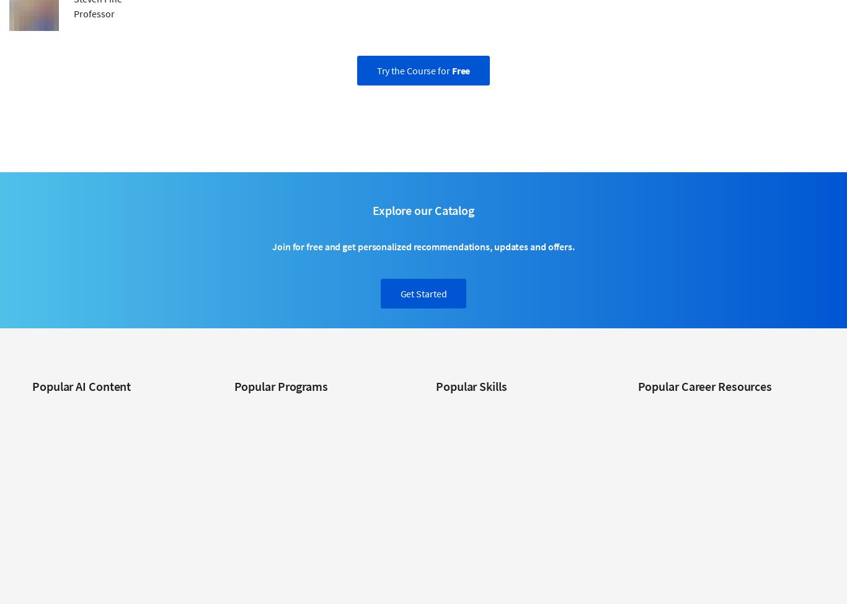 This screenshot has width=847, height=604. What do you see at coordinates (283, 581) in the screenshot?
I see `'Google SEO Fundamentals'` at bounding box center [283, 581].